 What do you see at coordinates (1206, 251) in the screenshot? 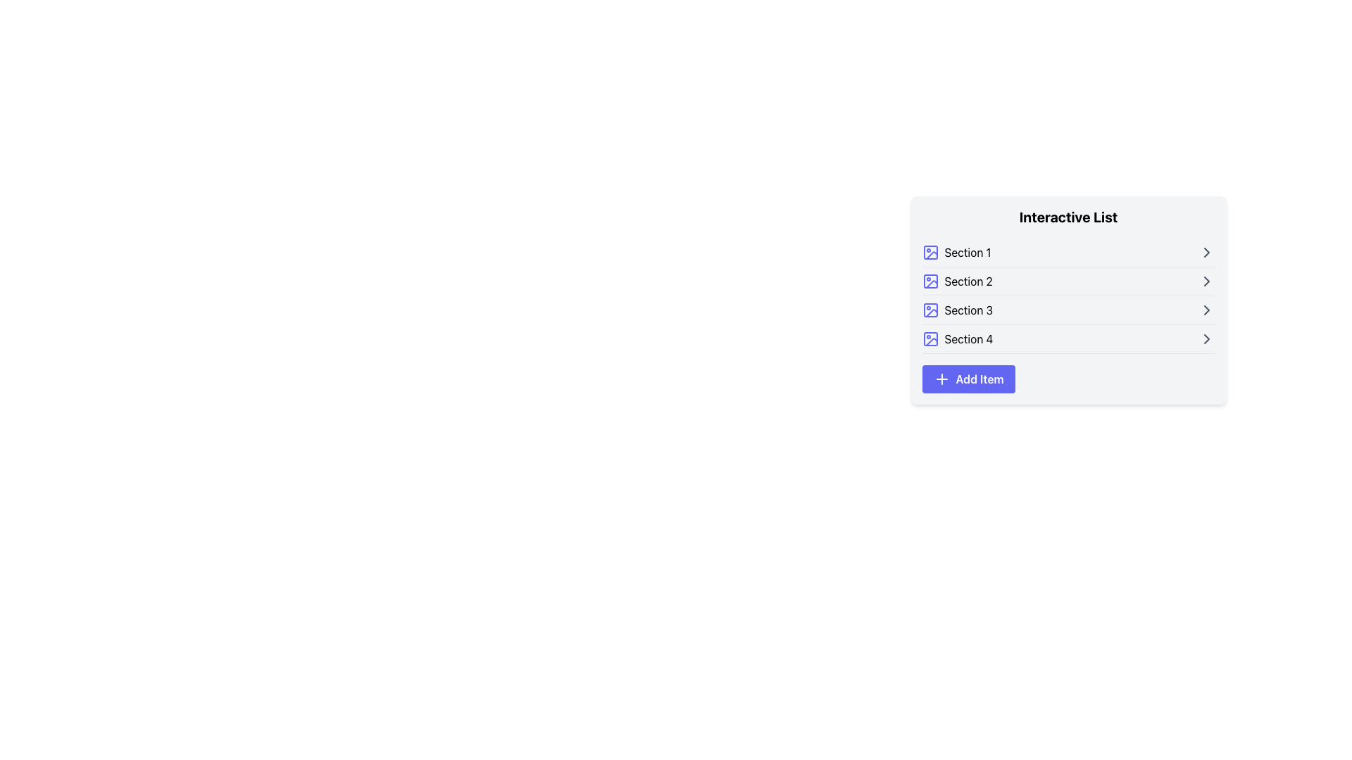
I see `the arrow icon button, which is a right-pointing chevron located at the far right of 'Section 1' in the 'Interactive List'` at bounding box center [1206, 251].